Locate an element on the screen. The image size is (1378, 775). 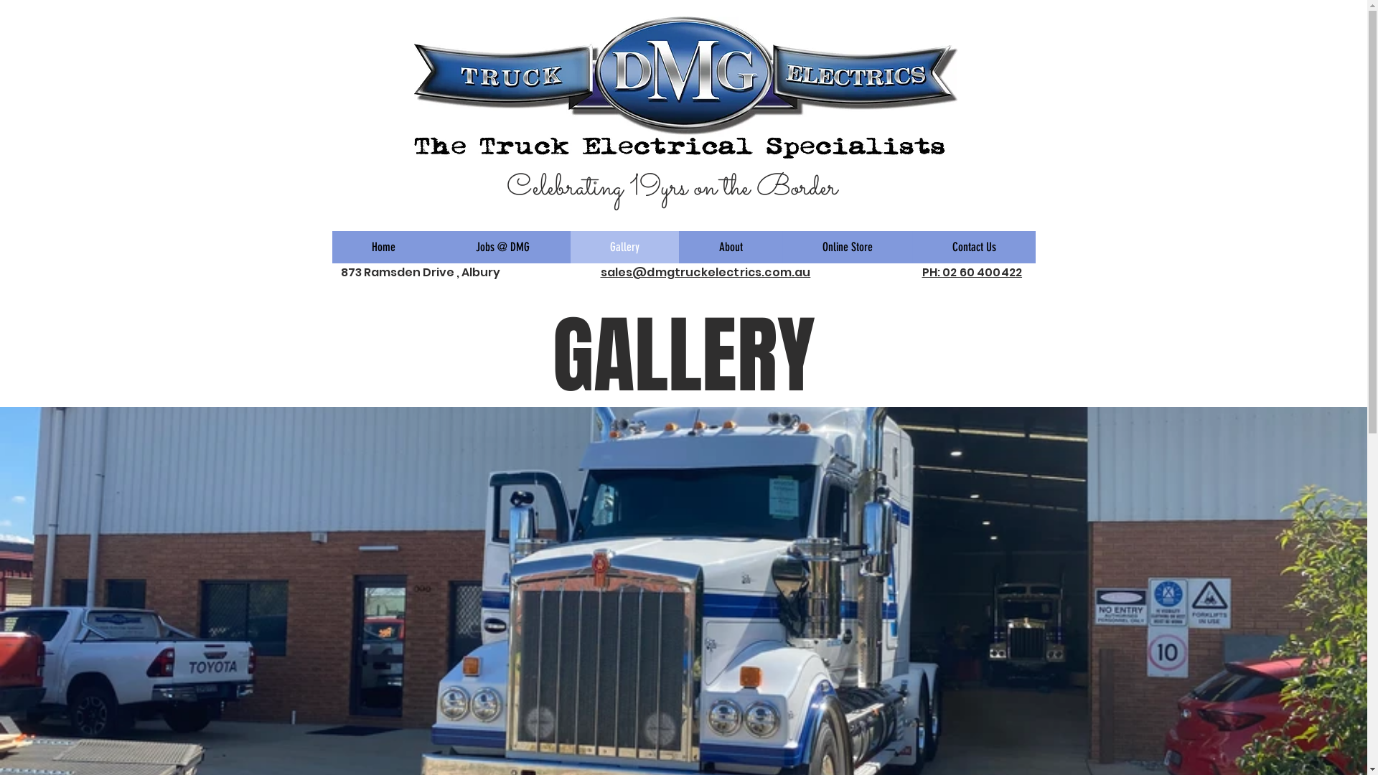
'Gallery' is located at coordinates (624, 246).